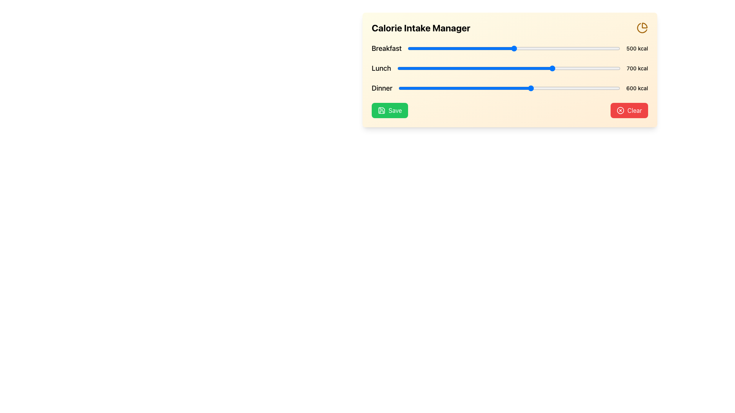 This screenshot has height=413, width=735. I want to click on the text label displaying '700 kcal', which is styled in a small, medium-weight sans-serif font and positioned to the far right of a horizontal progress bar slider in a light beige background interface, so click(637, 68).